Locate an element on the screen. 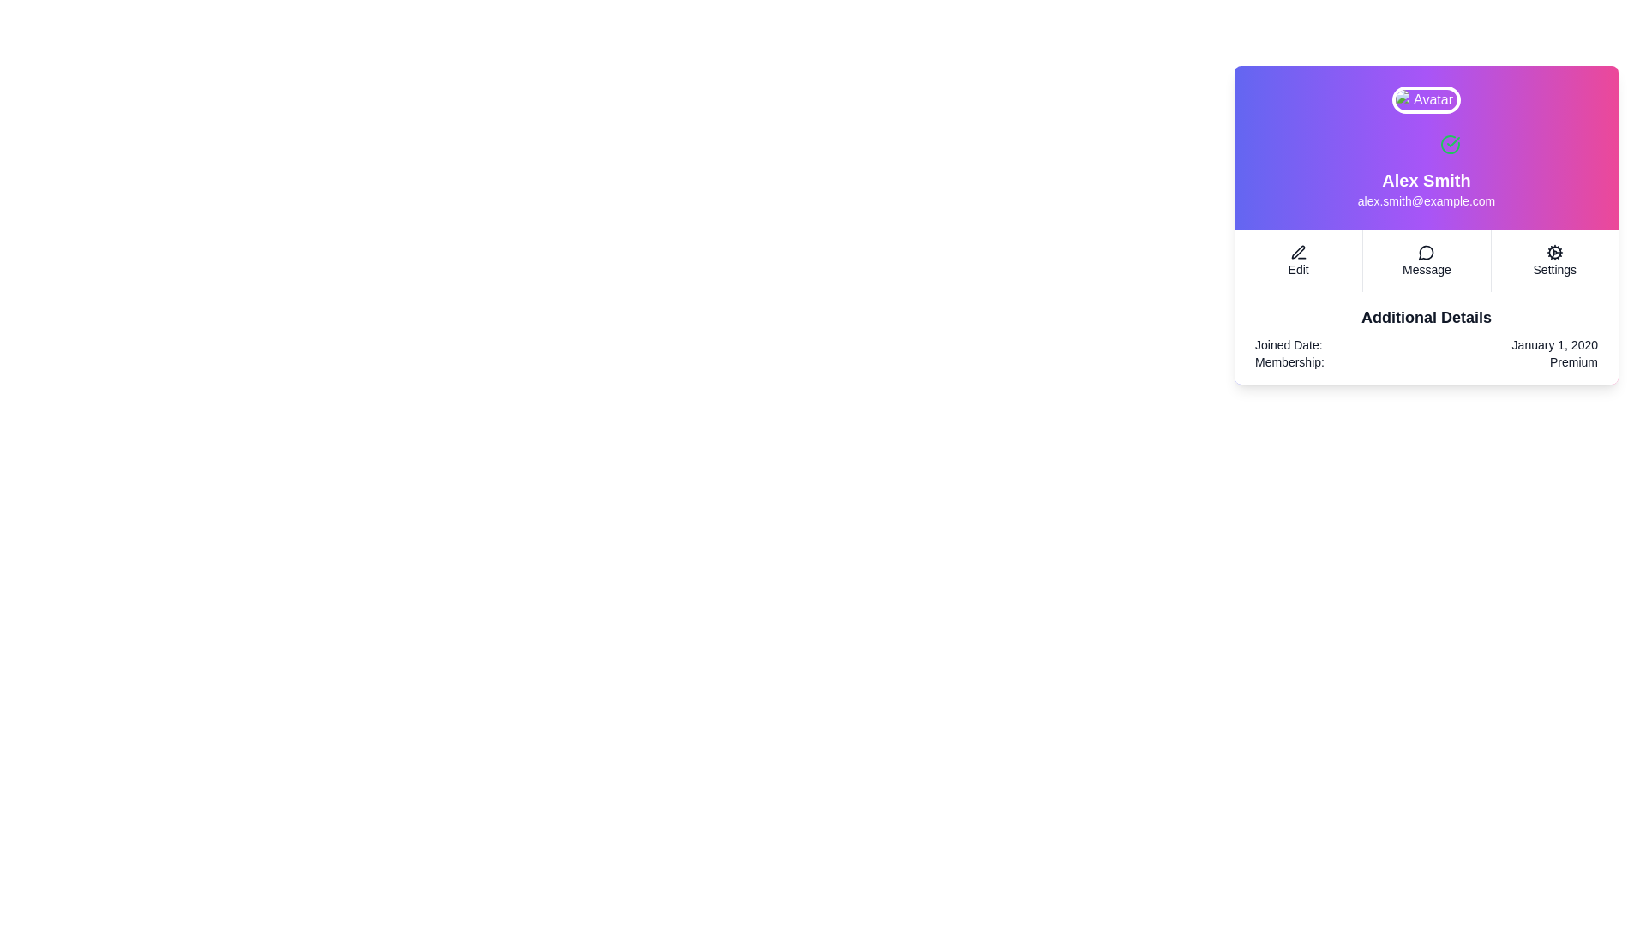  the text label indicating the user's membership category located beneath the 'Joined Date:' field in the 'Additional Details' section is located at coordinates (1289, 361).